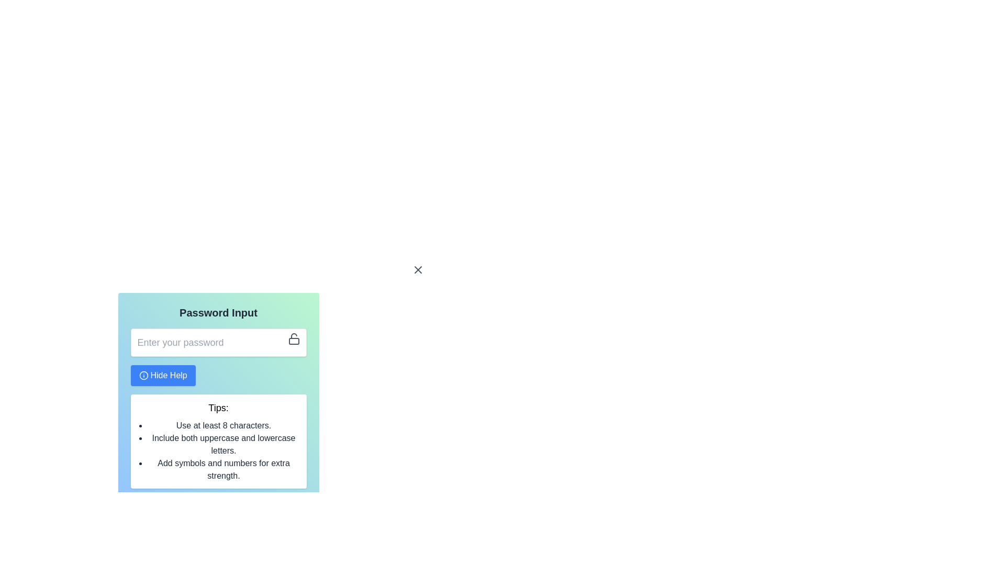 The width and height of the screenshot is (1005, 565). I want to click on the informative icon located to the left of the 'Hide Help' button, which indicates additional help or information, so click(143, 375).